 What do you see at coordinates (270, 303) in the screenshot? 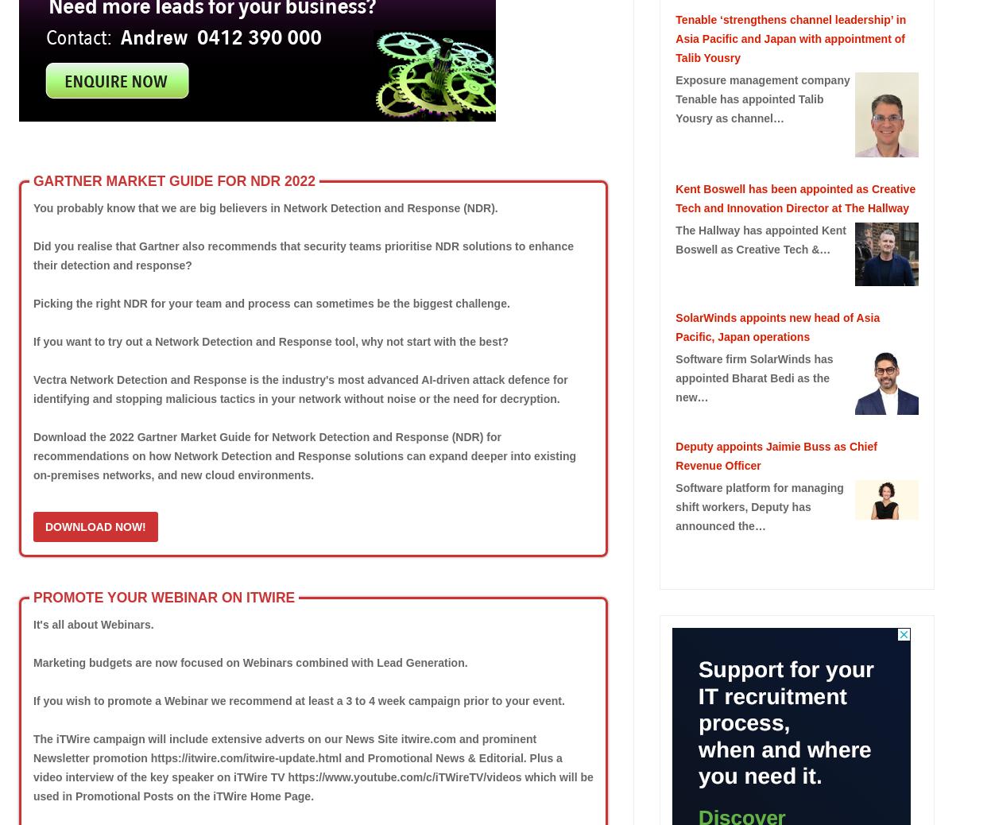
I see `'Picking the right NDR for your team and process can sometimes be the biggest challenge.'` at bounding box center [270, 303].